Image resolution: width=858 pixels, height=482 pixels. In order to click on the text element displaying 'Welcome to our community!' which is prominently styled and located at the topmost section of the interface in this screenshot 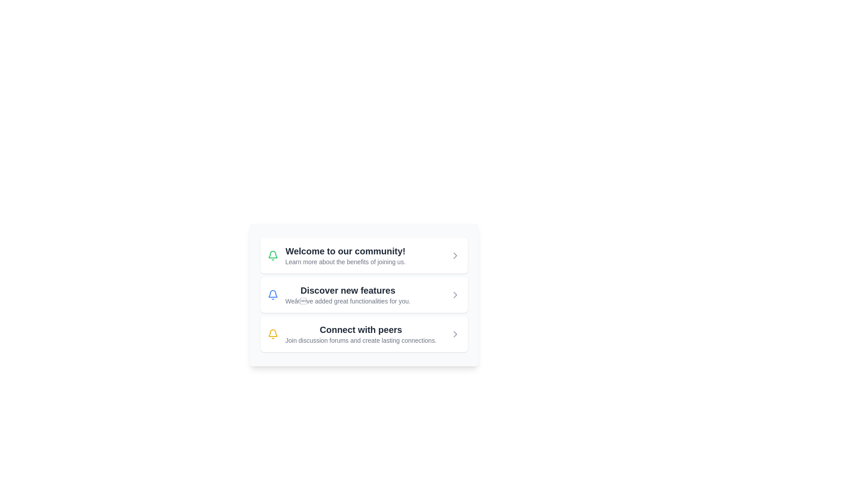, I will do `click(345, 251)`.